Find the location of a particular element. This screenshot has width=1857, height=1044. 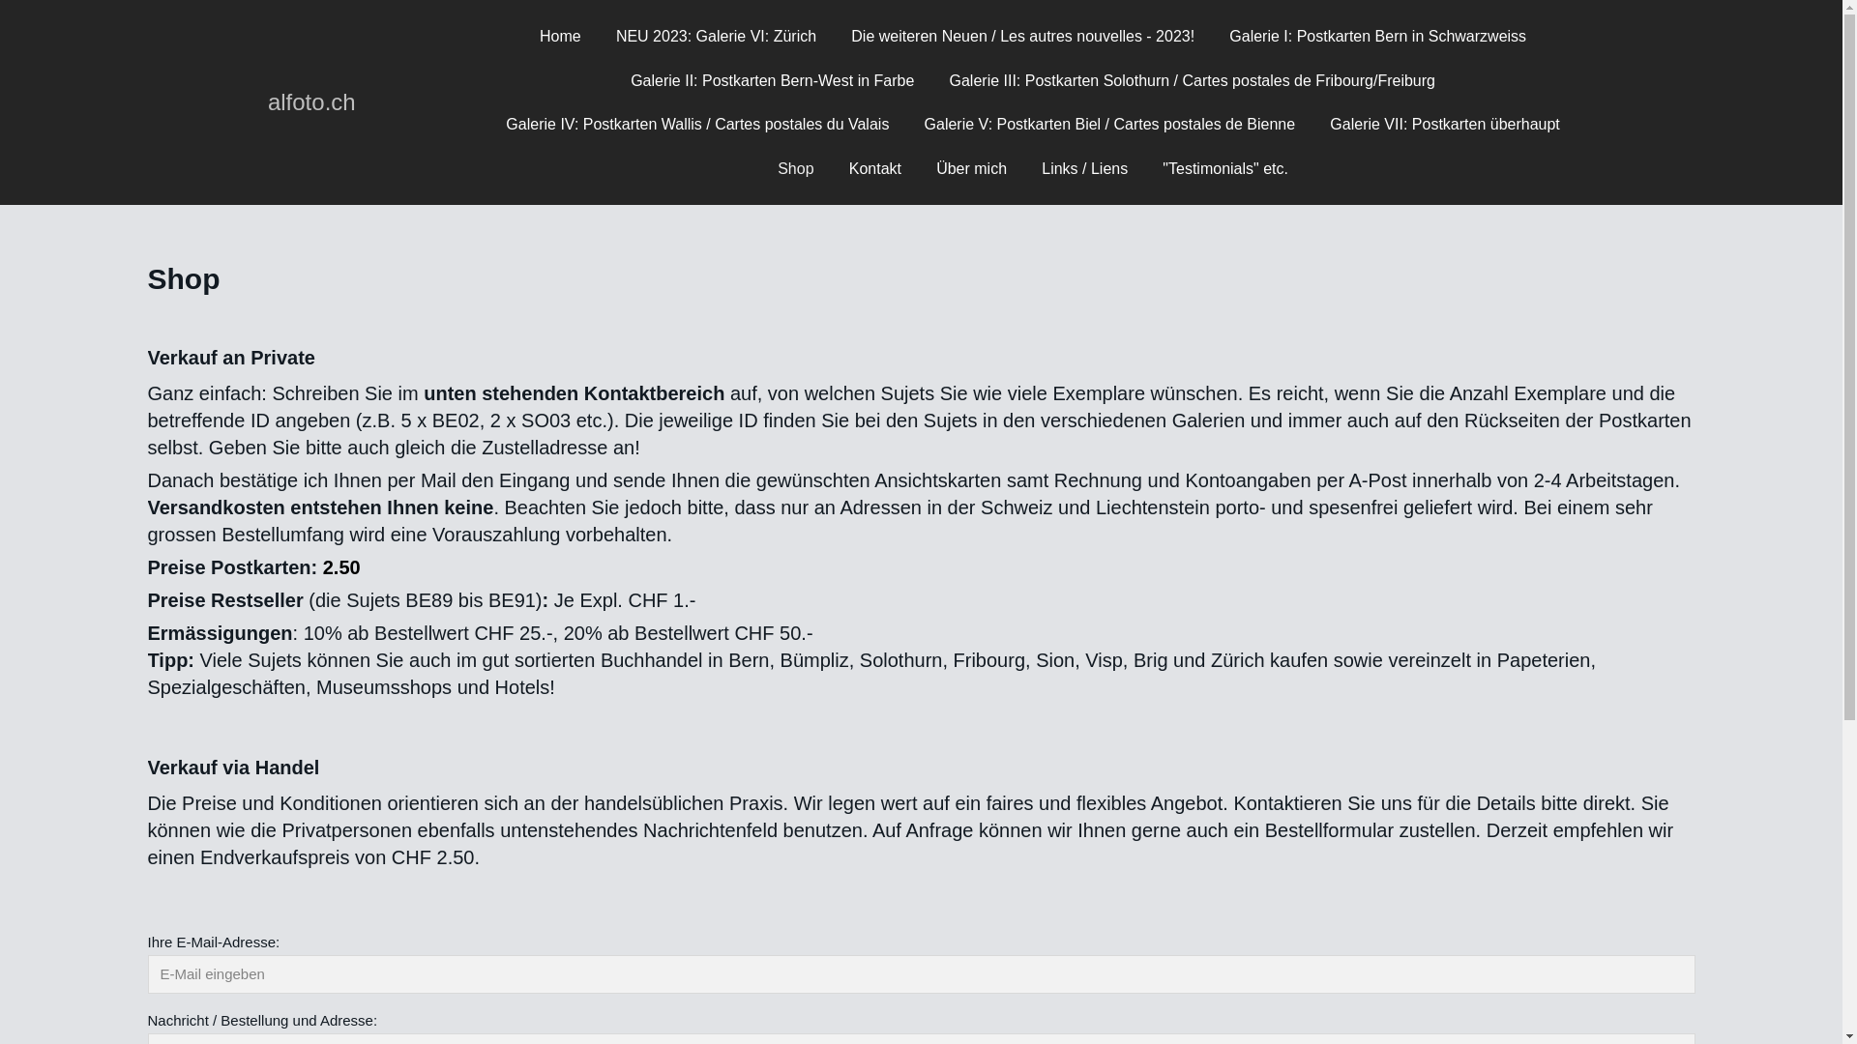

'alfoto.ch' is located at coordinates (311, 101).